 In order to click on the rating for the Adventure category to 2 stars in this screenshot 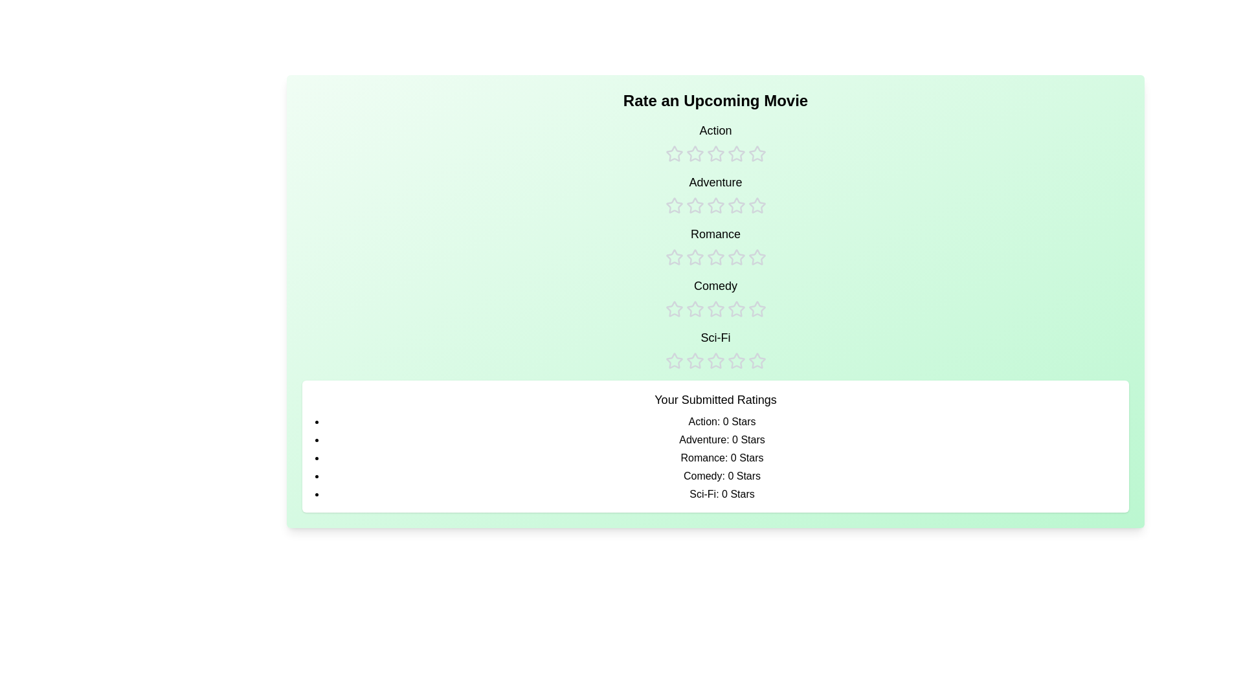, I will do `click(694, 194)`.